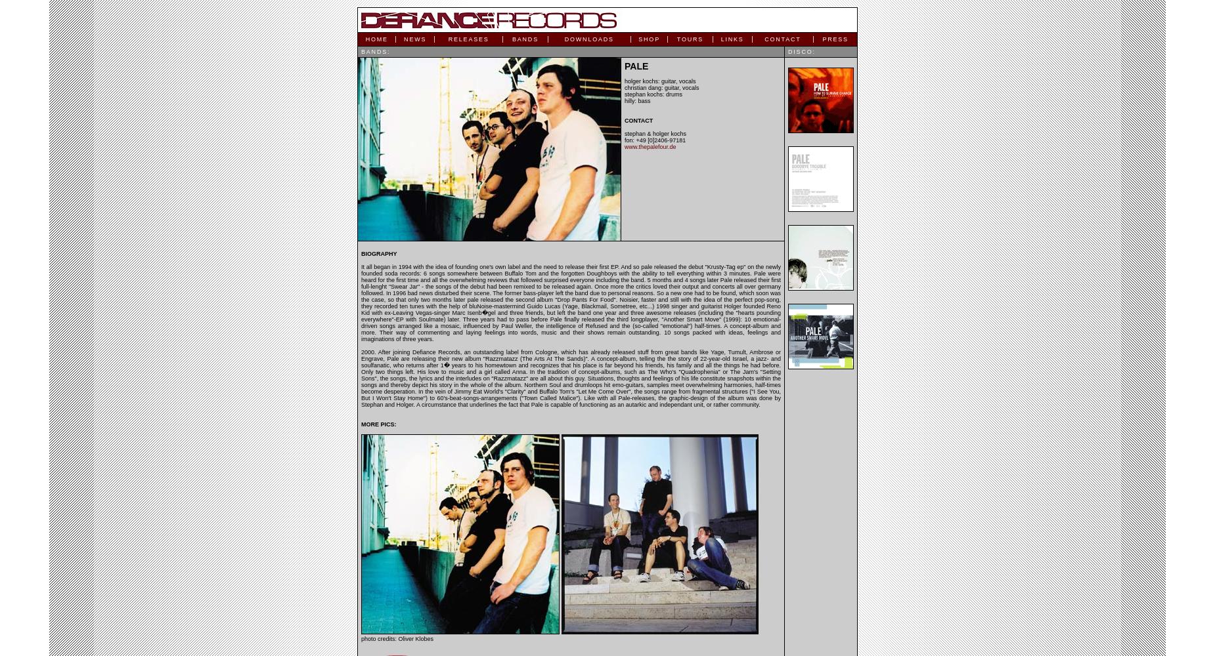 Image resolution: width=1215 pixels, height=656 pixels. I want to click on 'holger kochs: guitar, vocals', so click(659, 81).